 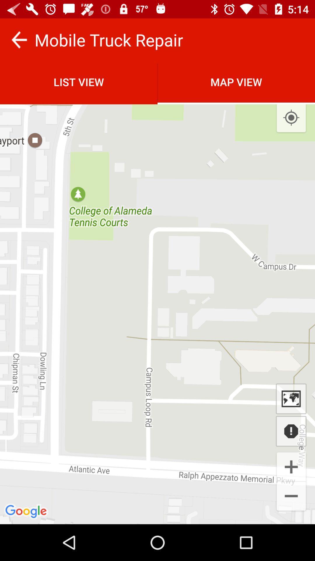 I want to click on the arrow_backward icon, so click(x=19, y=39).